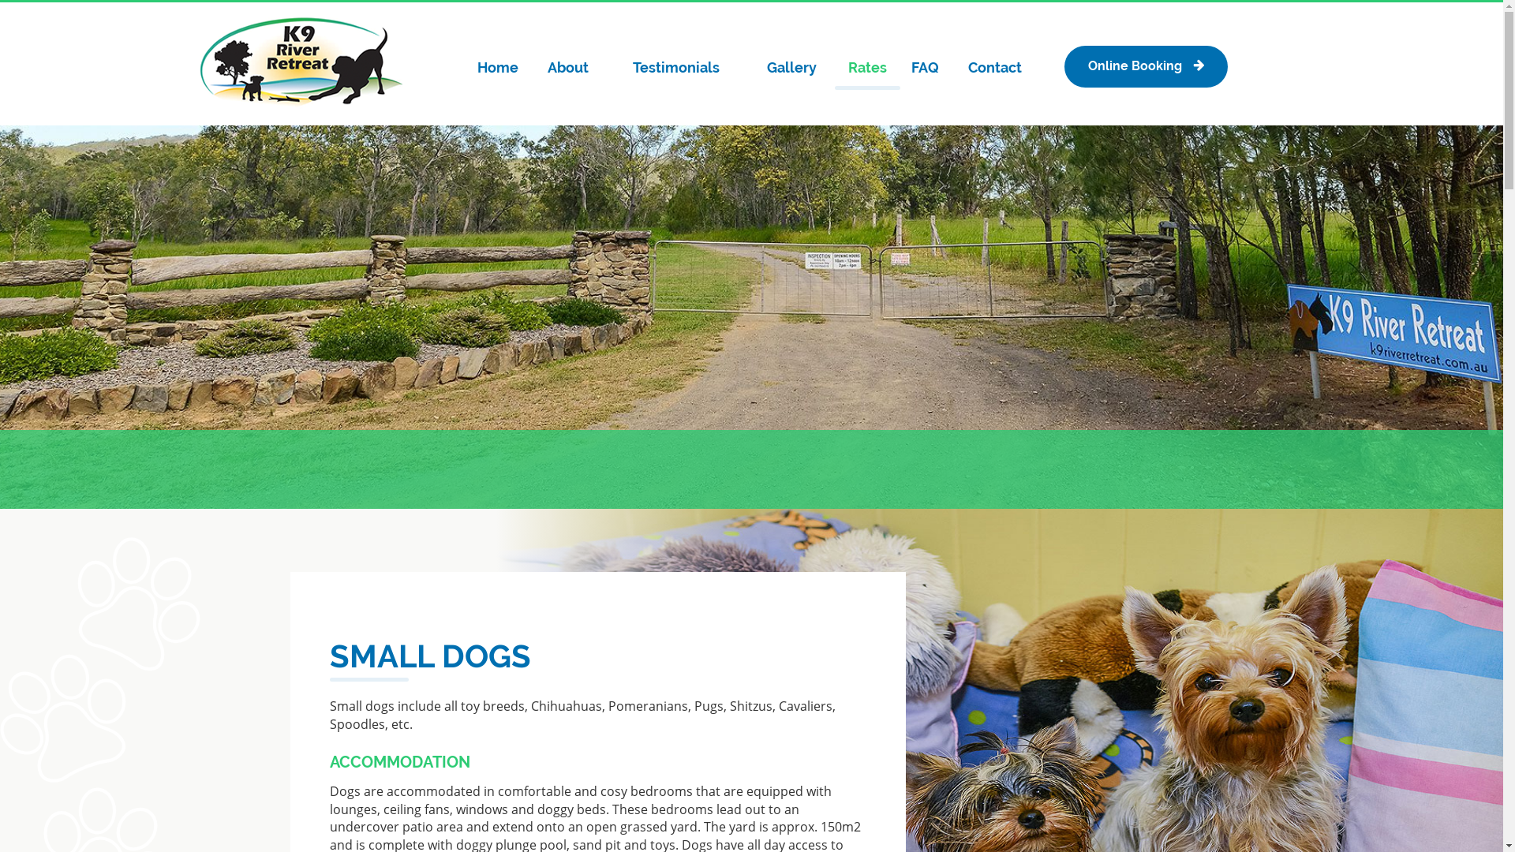 The height and width of the screenshot is (852, 1515). I want to click on 'Online Booking', so click(1145, 65).